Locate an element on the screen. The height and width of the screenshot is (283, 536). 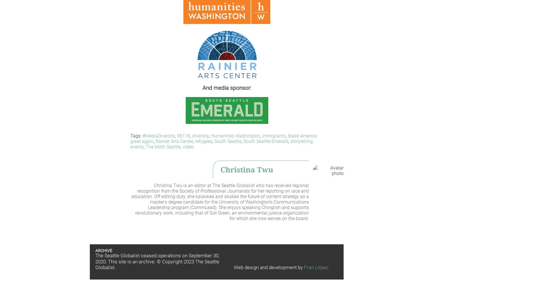
'video' is located at coordinates (188, 146).